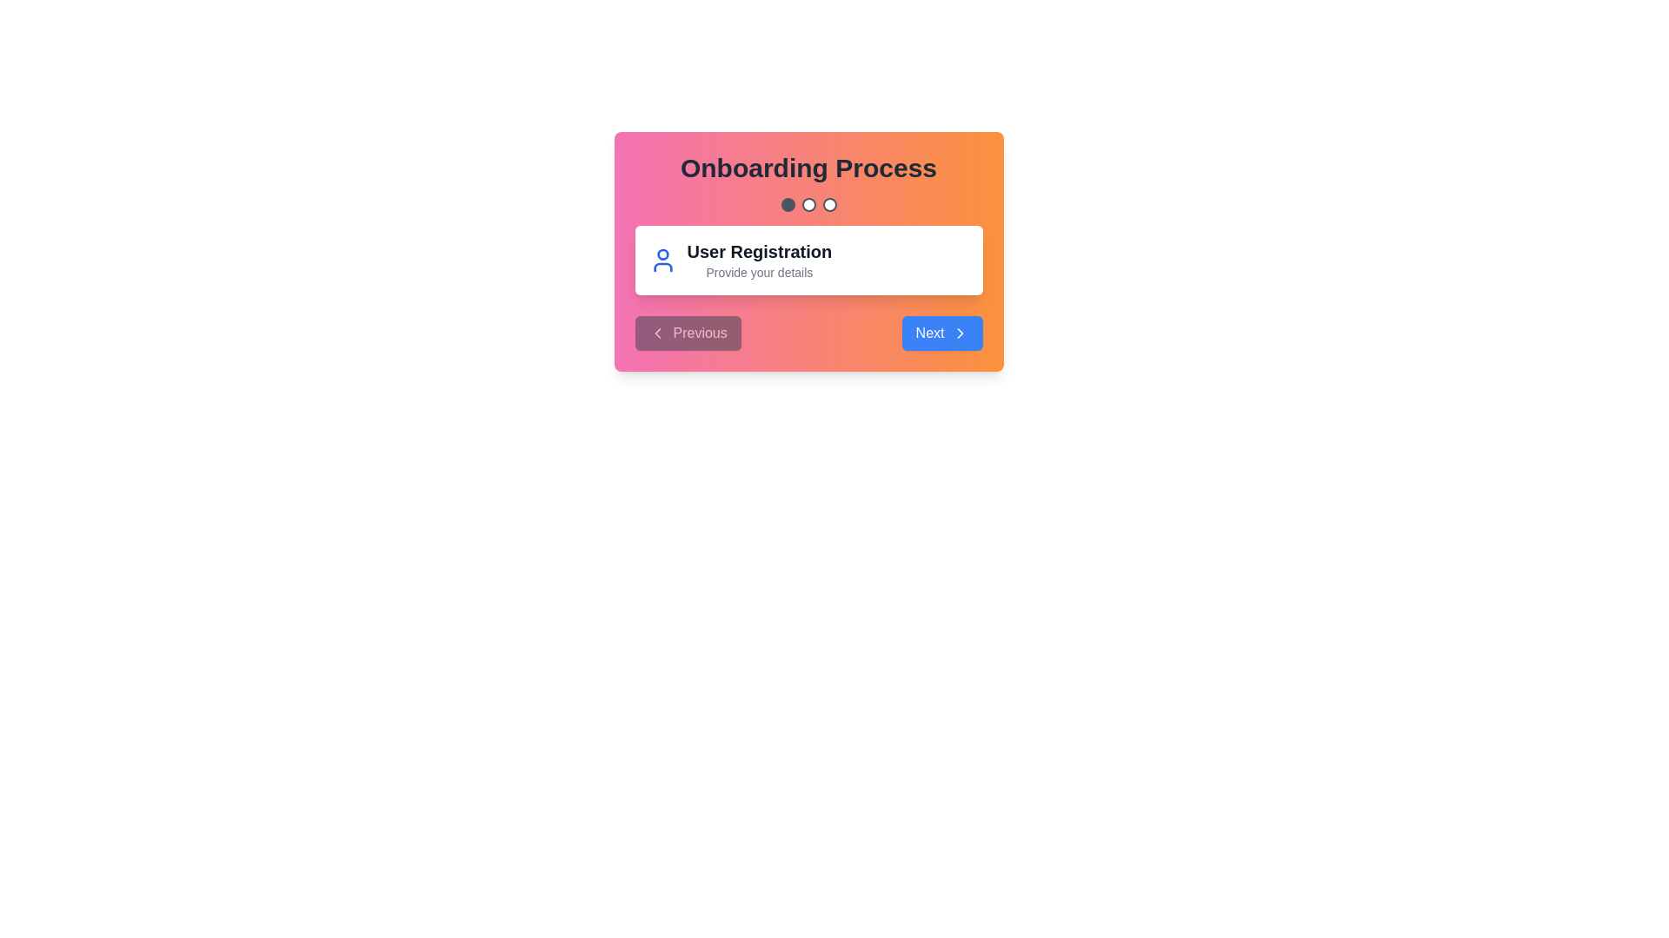 This screenshot has width=1669, height=938. What do you see at coordinates (656, 334) in the screenshot?
I see `the 'Previous' button which contains a left-pointing chevron icon styled with a thin outline and rounded edges, located at the bottom left of the modal` at bounding box center [656, 334].